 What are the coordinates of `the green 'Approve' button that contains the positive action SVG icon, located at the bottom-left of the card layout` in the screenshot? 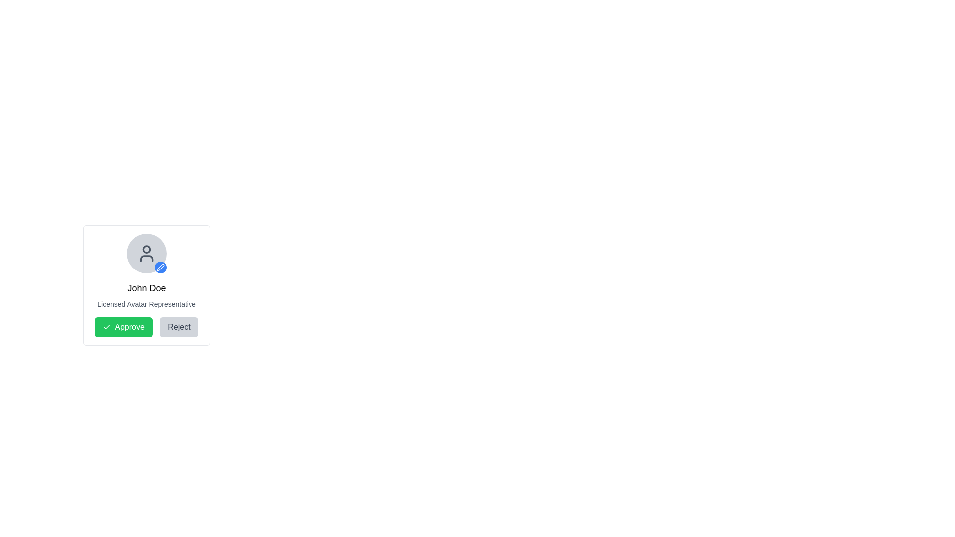 It's located at (107, 327).